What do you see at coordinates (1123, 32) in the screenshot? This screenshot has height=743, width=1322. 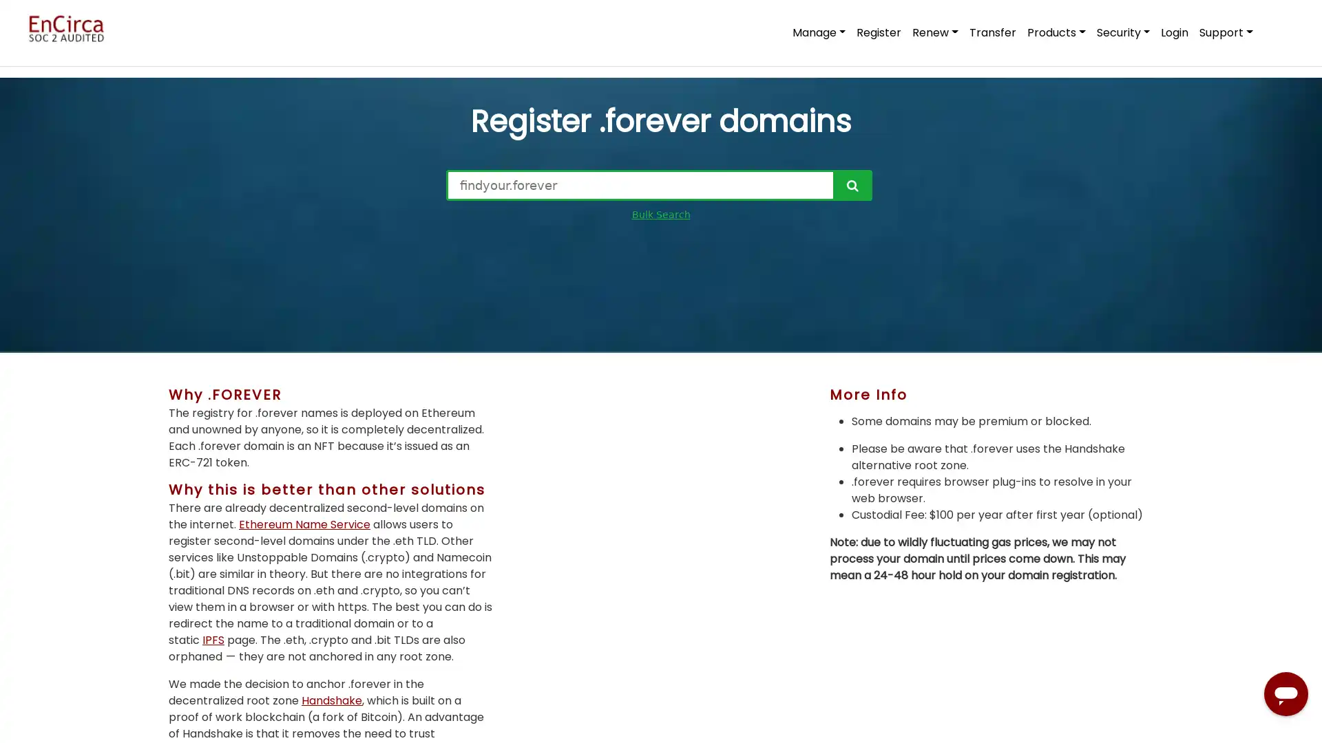 I see `Security` at bounding box center [1123, 32].